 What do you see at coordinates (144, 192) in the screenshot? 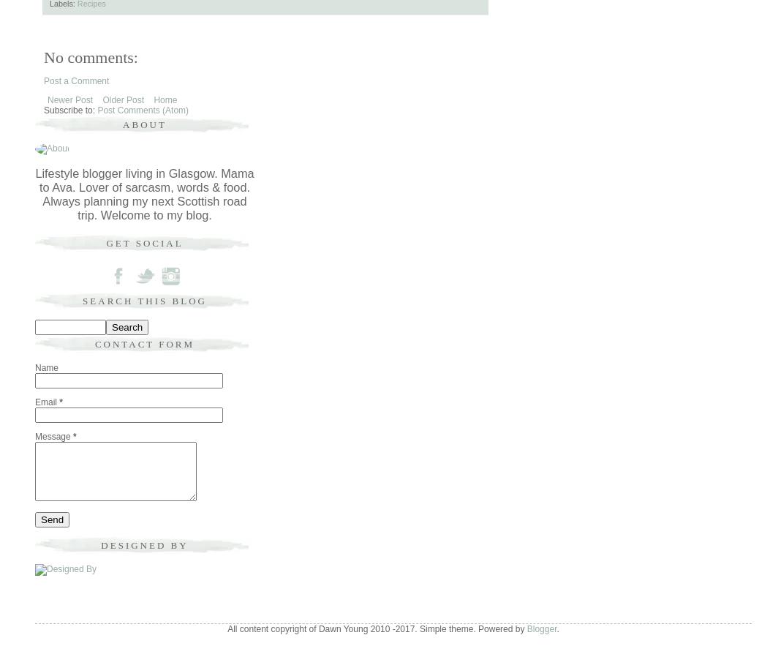
I see `'Lifestyle blogger living in Glasgow. Mama to Ava. Lover of sarcasm, words & food. Always planning my next Scottish road trip. Welcome to my blog.'` at bounding box center [144, 192].